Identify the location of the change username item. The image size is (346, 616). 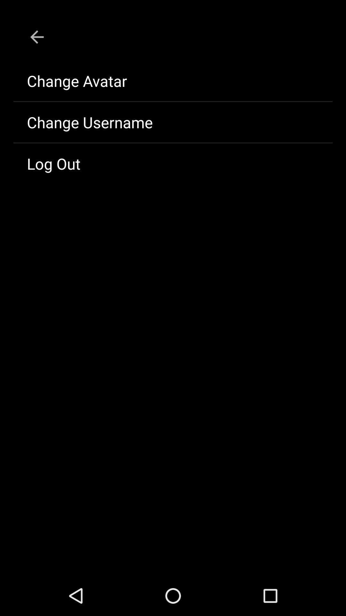
(173, 122).